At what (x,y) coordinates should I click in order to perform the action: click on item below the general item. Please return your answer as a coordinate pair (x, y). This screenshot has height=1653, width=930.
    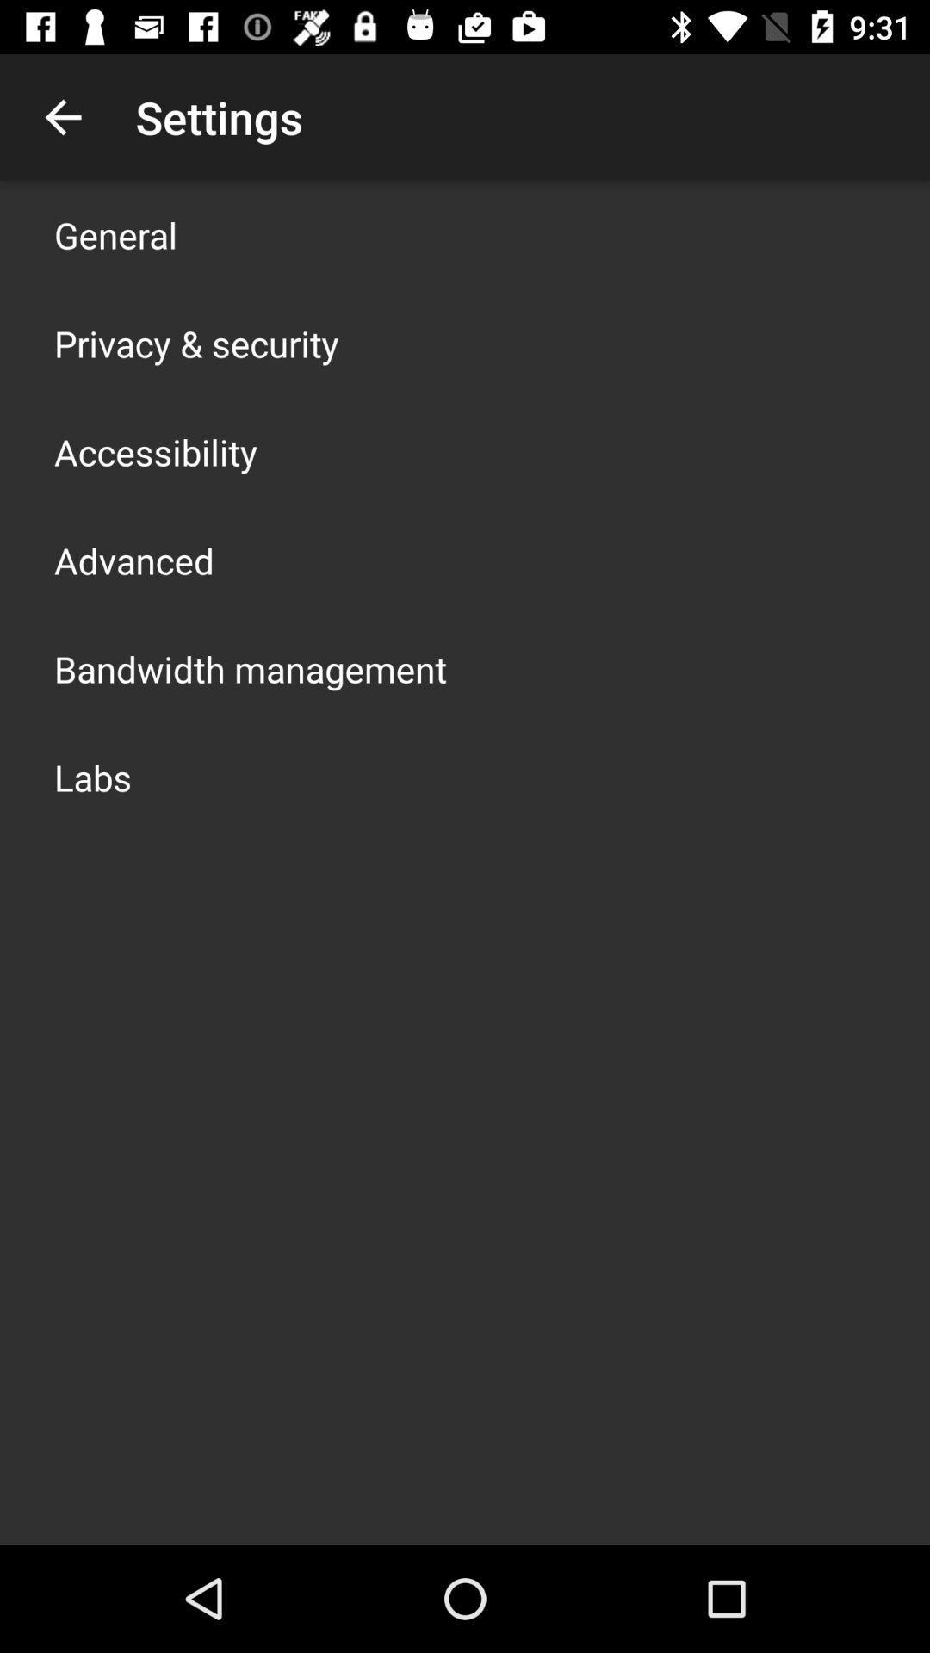
    Looking at the image, I should click on (195, 343).